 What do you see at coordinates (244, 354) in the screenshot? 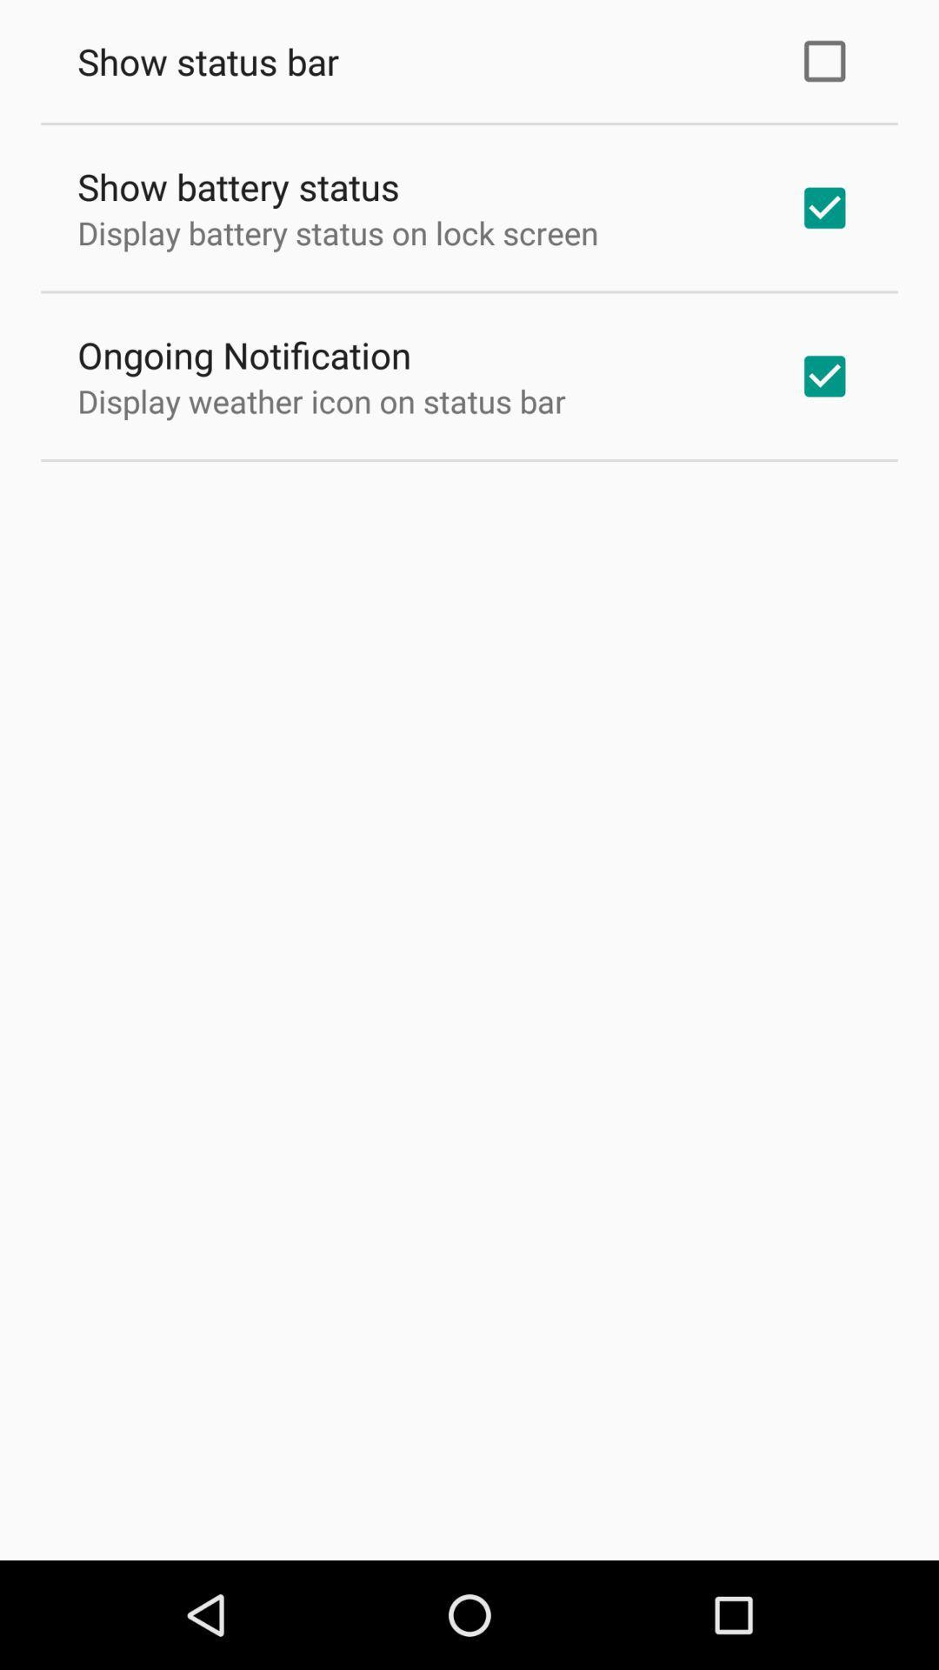
I see `the ongoing notification icon` at bounding box center [244, 354].